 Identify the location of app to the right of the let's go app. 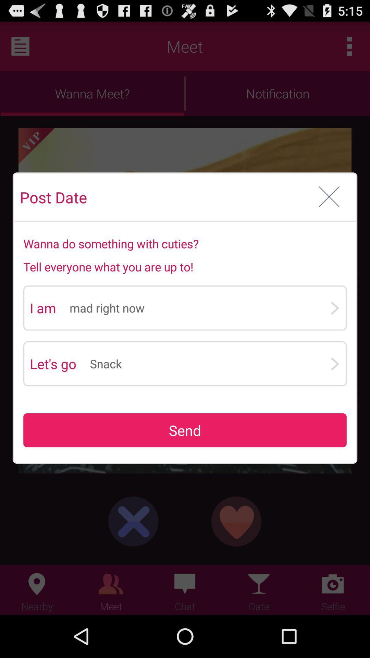
(209, 363).